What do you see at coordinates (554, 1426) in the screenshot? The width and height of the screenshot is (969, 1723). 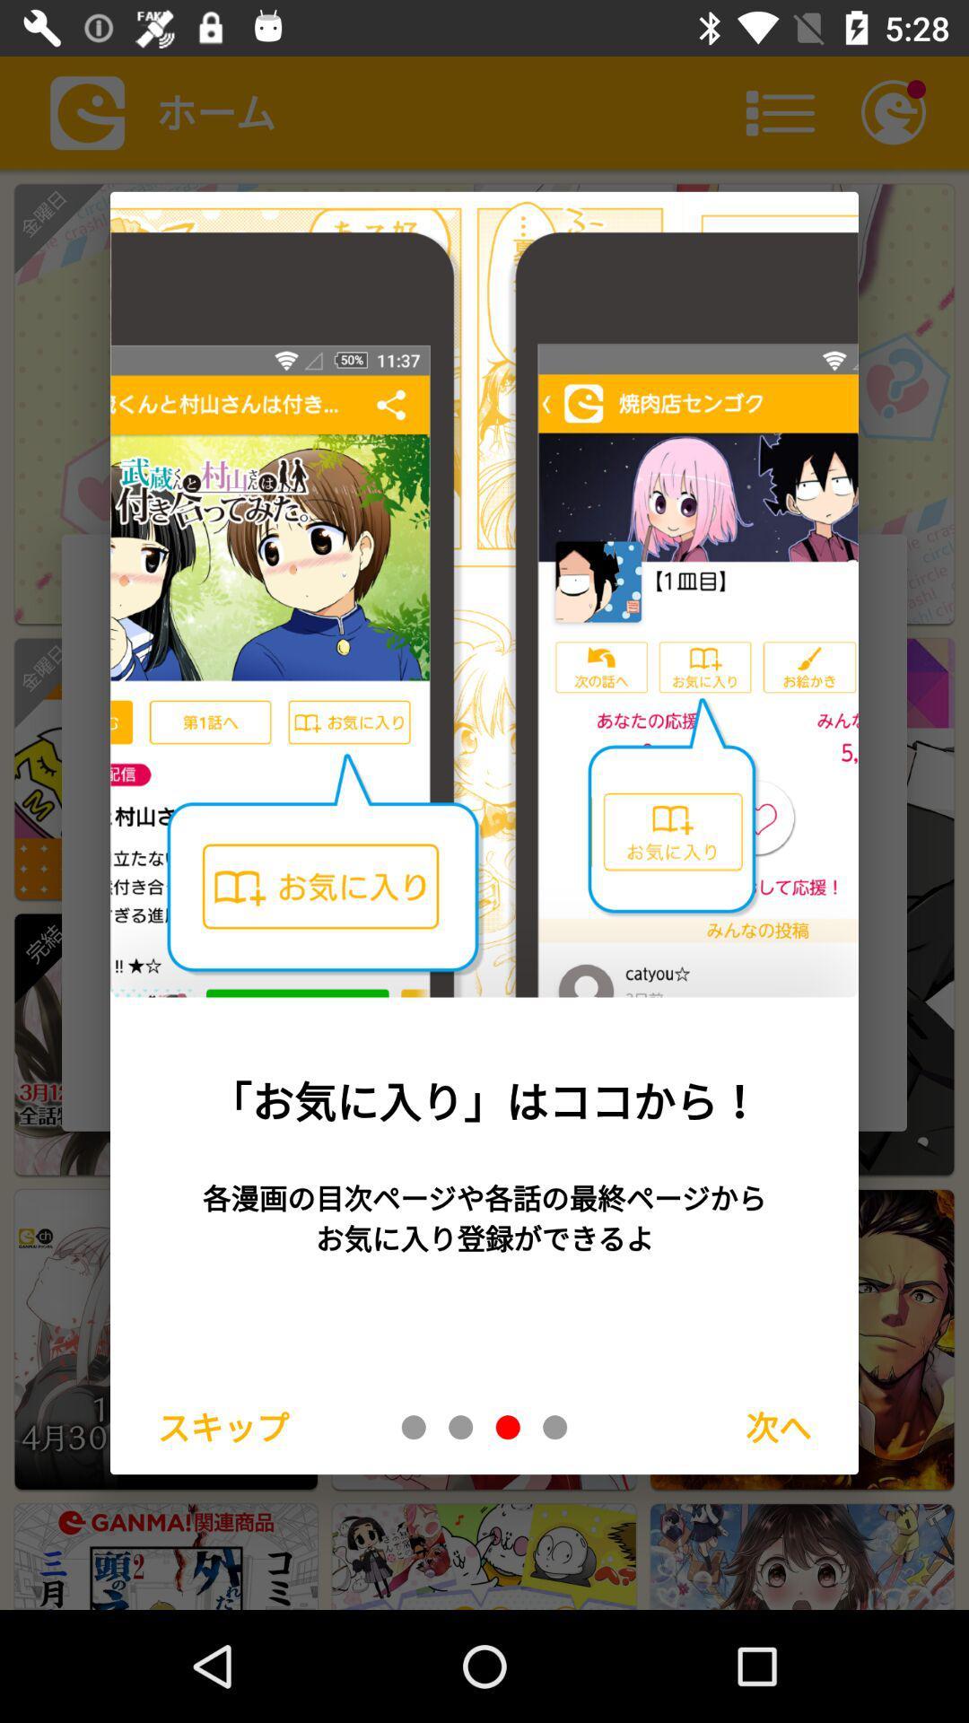 I see `go next` at bounding box center [554, 1426].